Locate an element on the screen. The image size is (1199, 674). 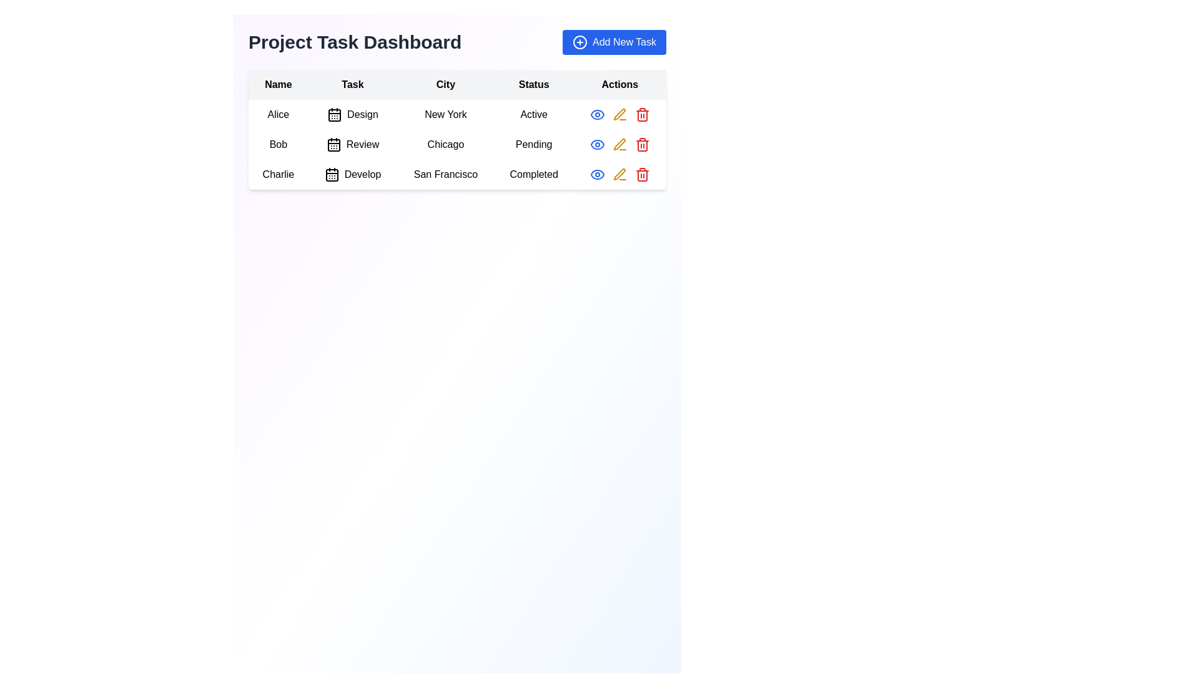
the header text element that reads 'Project Task Dashboard', which is prominently styled in bold and large font size, located at the top-left of the interface is located at coordinates (456, 42).